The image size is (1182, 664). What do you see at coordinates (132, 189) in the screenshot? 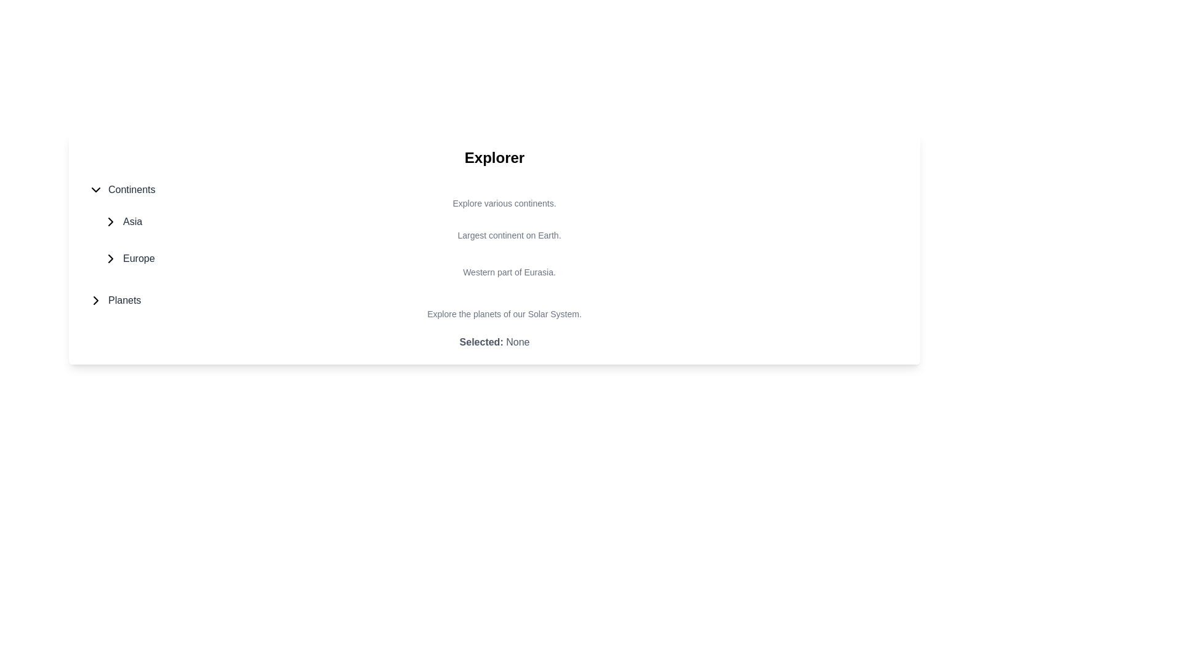
I see `the 'Continents' label in the dropdown menu` at bounding box center [132, 189].